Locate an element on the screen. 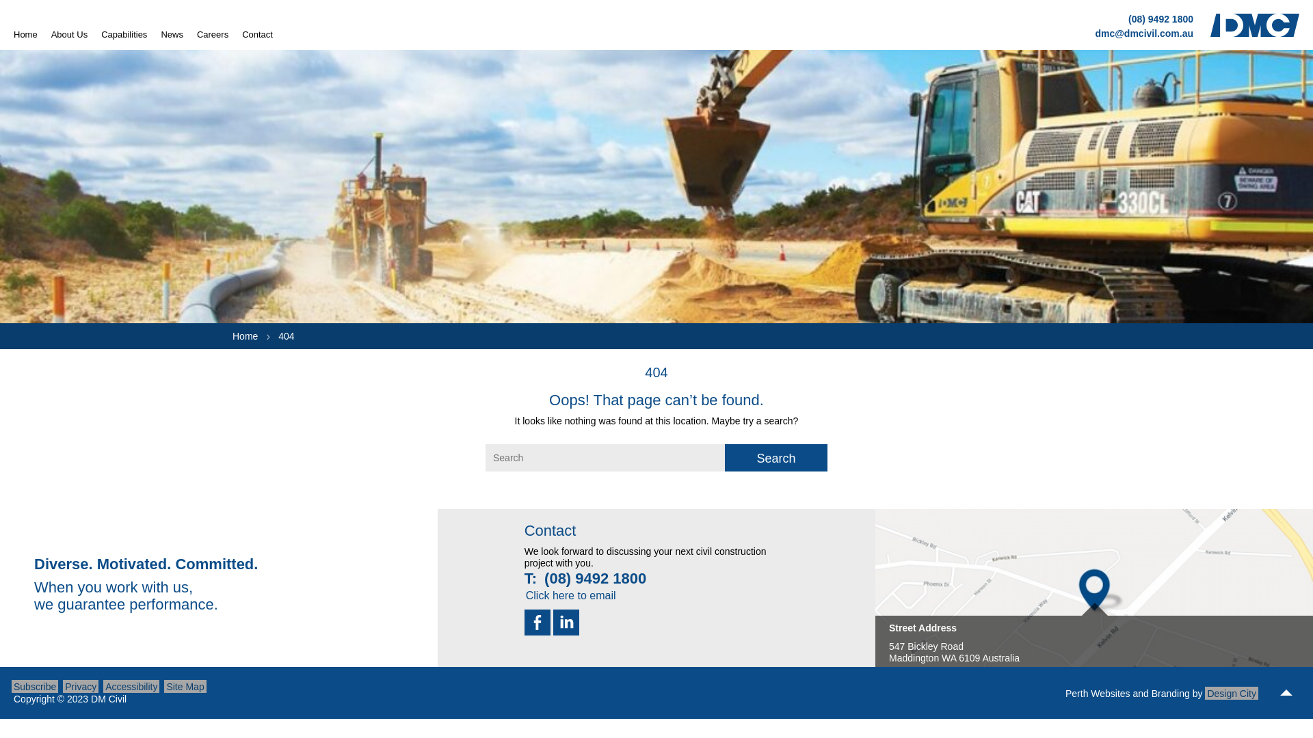 This screenshot has height=738, width=1313. 'Site Map' is located at coordinates (184, 686).